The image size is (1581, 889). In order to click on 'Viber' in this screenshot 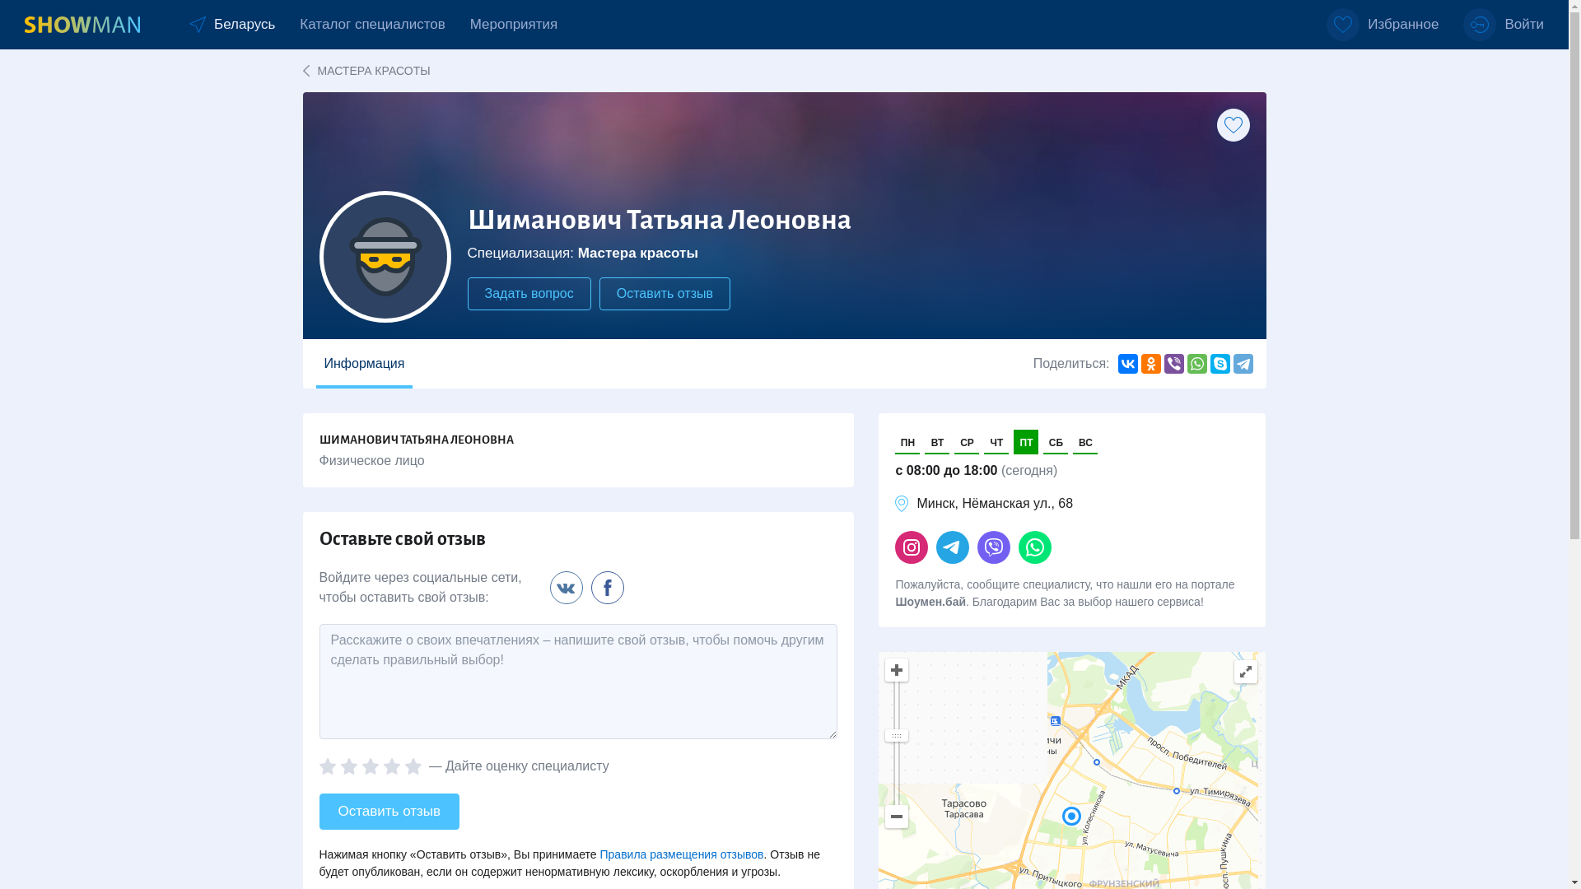, I will do `click(1173, 363)`.